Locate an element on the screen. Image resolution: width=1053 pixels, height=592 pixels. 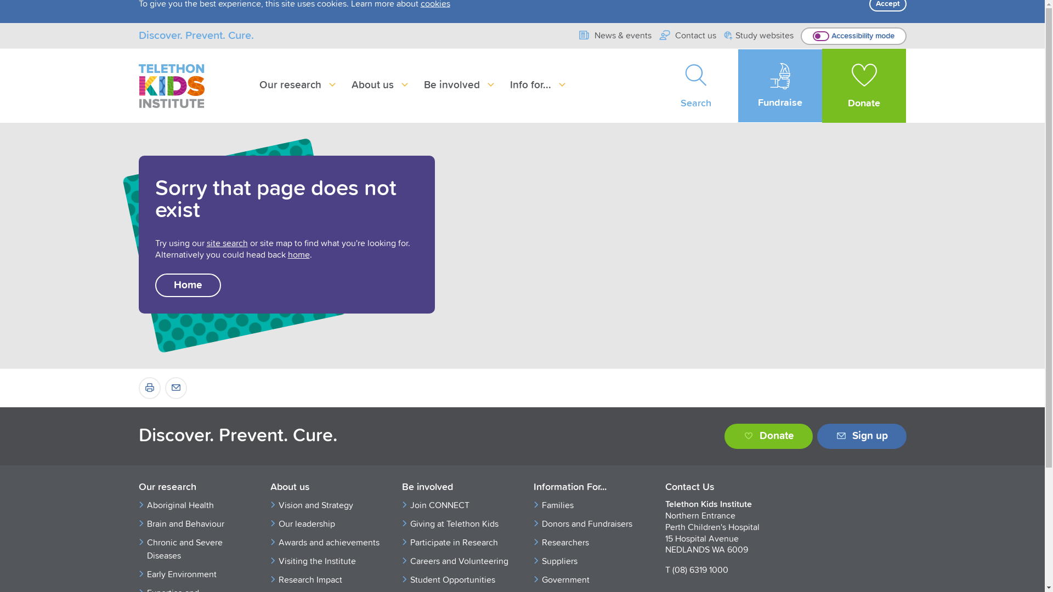
'Accessibility mode' is located at coordinates (853, 35).